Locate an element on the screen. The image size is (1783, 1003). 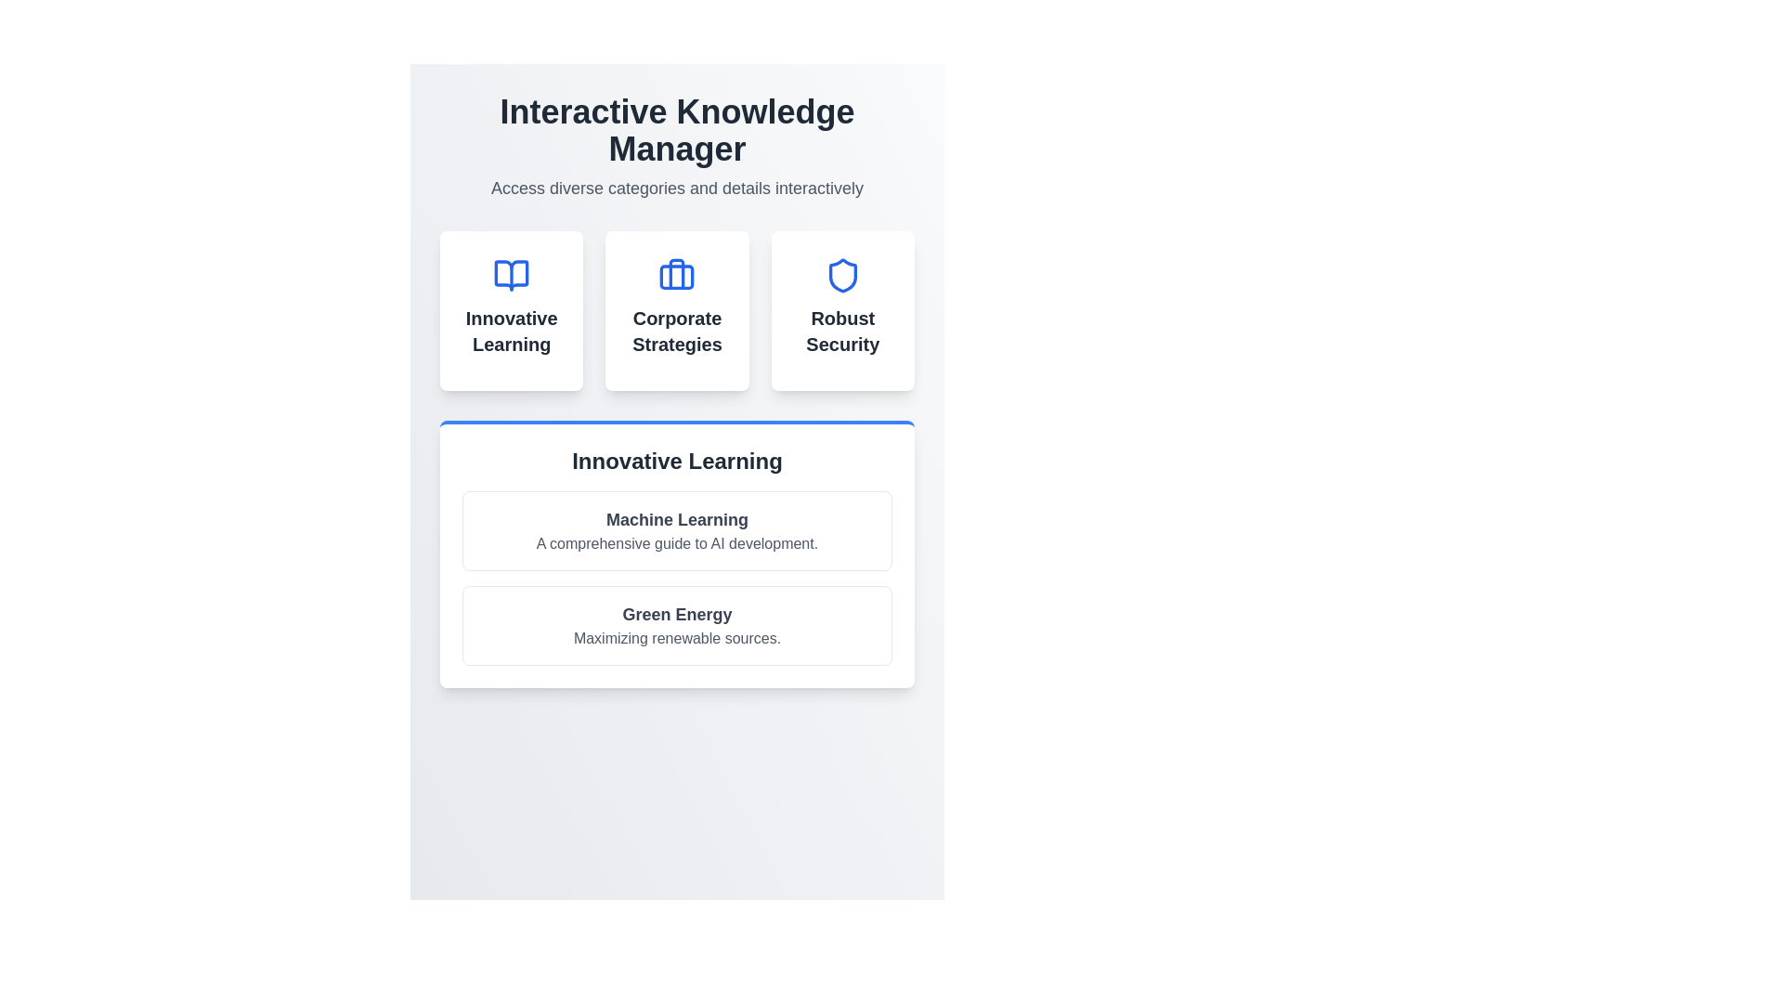
the shield-shaped icon with blue lines that represents robust security, located in the third column above the label 'Robust Security' is located at coordinates (841, 276).